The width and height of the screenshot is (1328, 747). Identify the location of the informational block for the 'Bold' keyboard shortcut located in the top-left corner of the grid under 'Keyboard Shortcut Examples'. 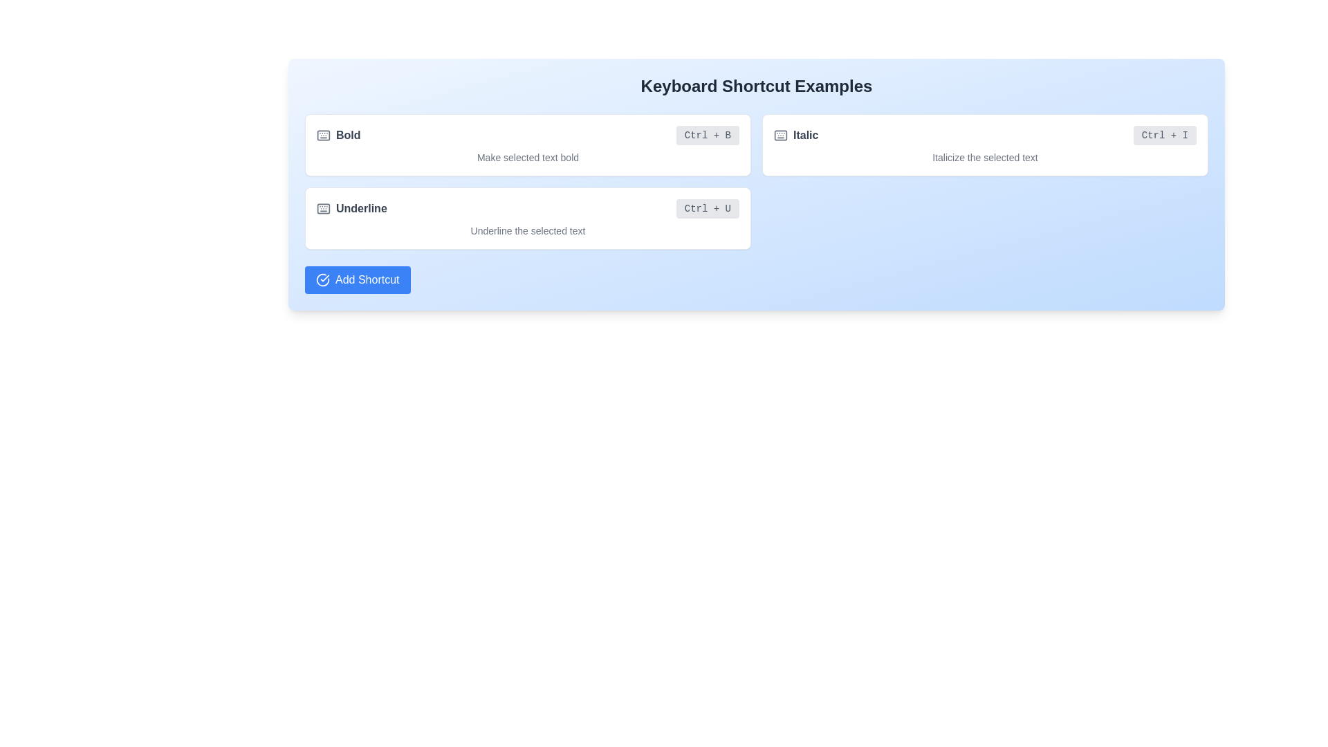
(527, 145).